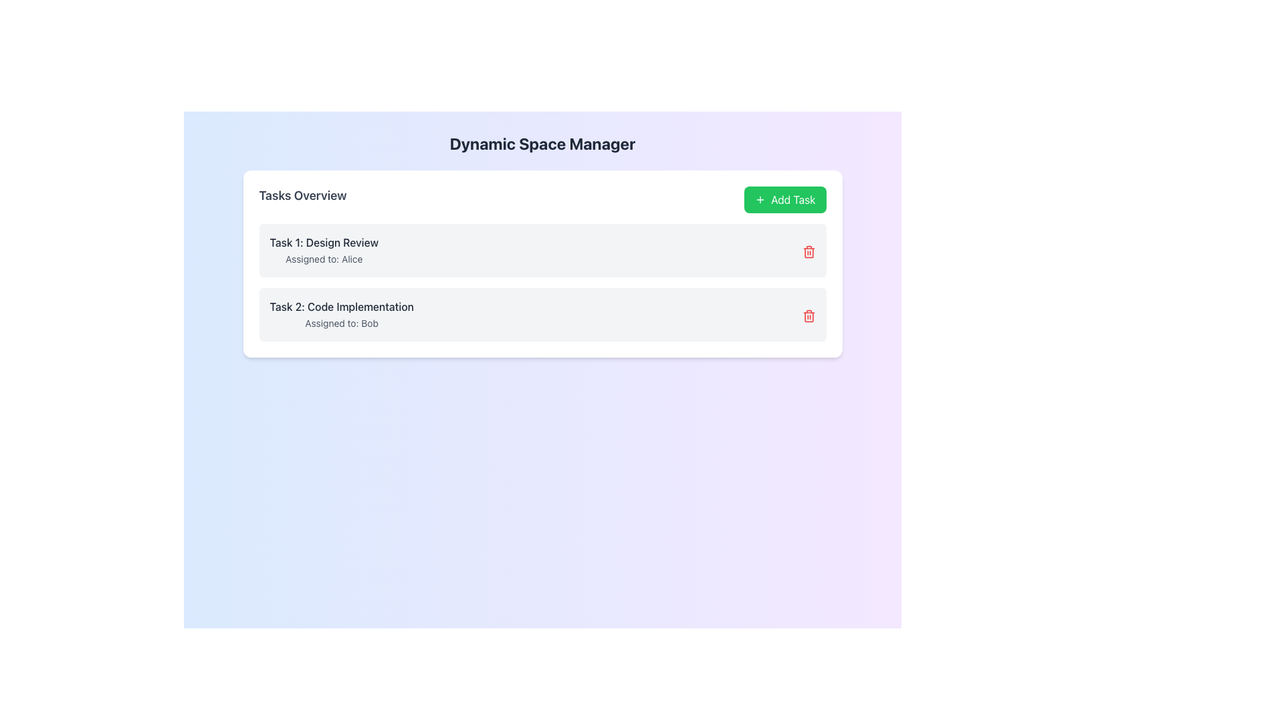  I want to click on the small plus icon located within the green 'Add Task' button, positioned to the left of the 'Add Task' text label, so click(760, 200).